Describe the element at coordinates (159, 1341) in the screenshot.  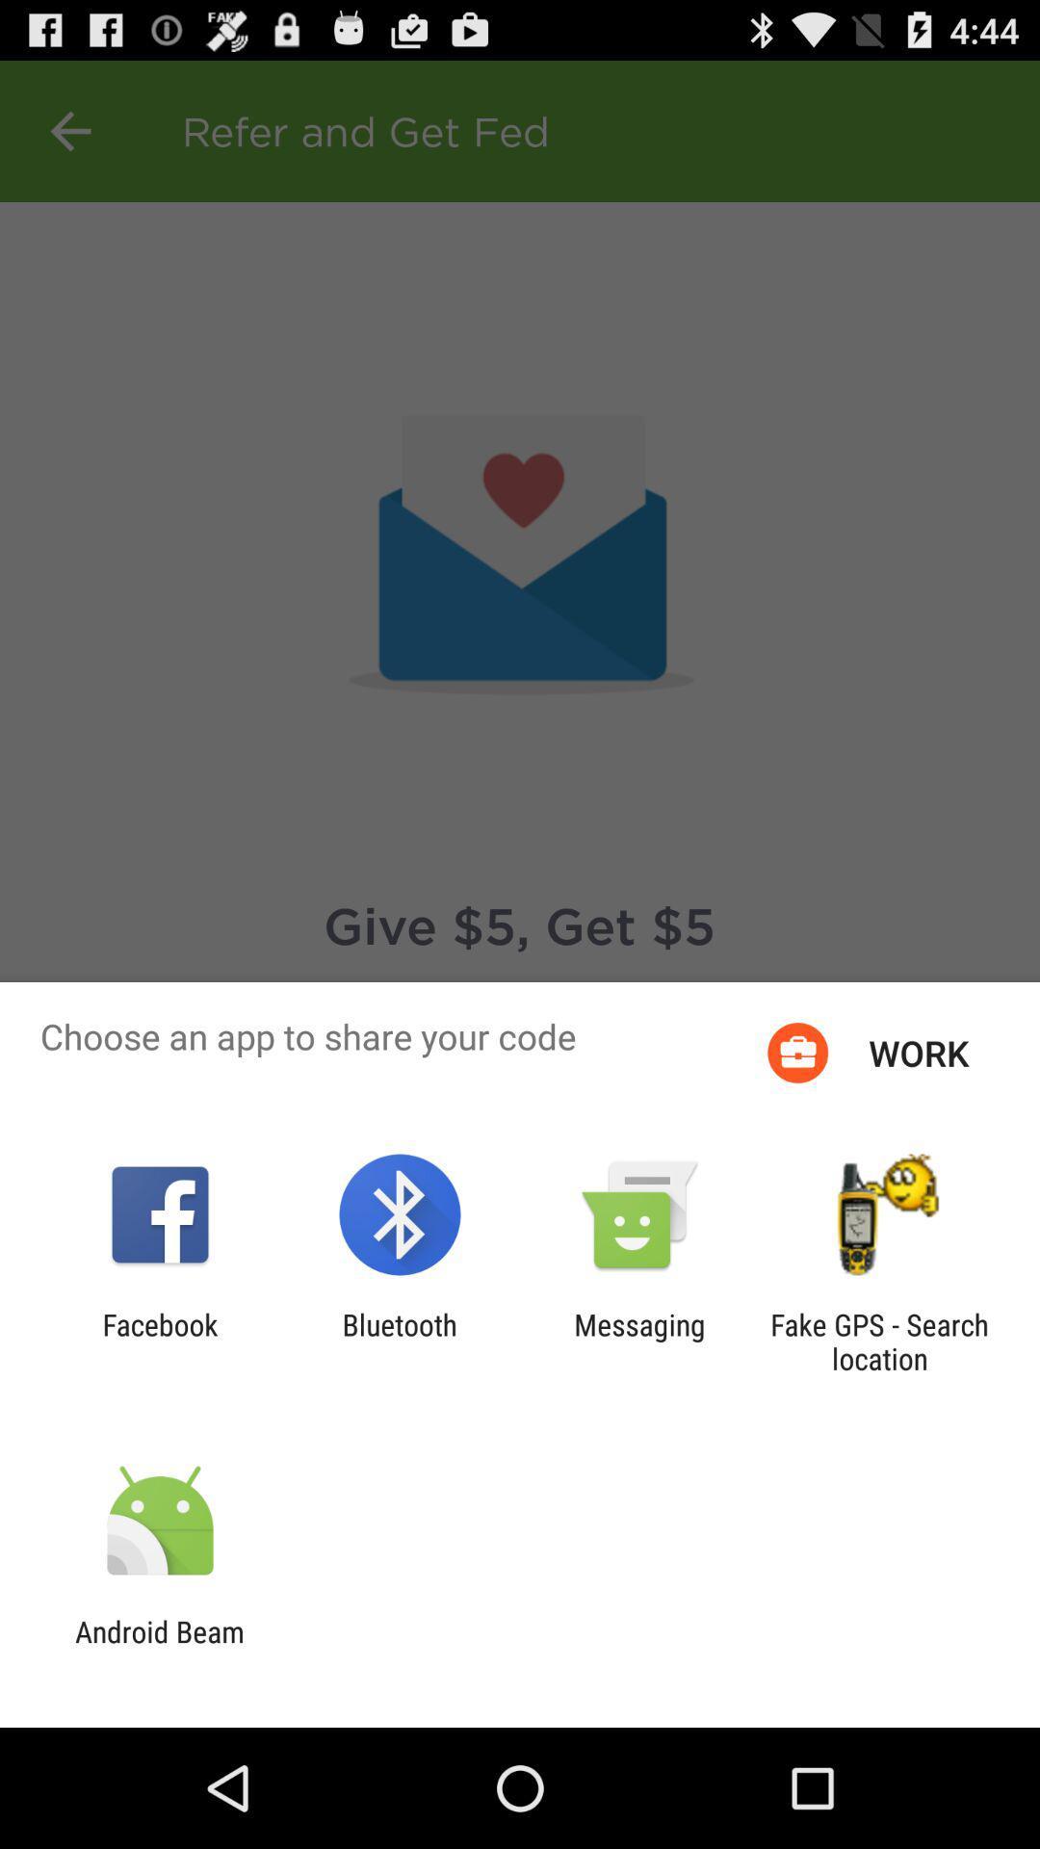
I see `the icon to the left of bluetooth icon` at that location.